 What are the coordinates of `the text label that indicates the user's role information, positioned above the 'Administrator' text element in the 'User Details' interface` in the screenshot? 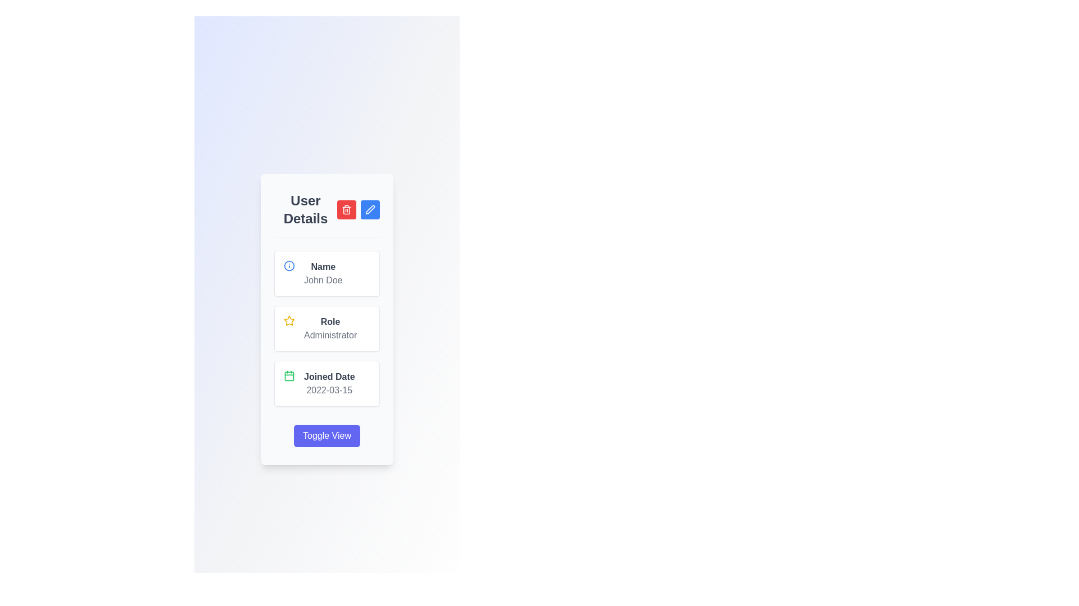 It's located at (330, 322).